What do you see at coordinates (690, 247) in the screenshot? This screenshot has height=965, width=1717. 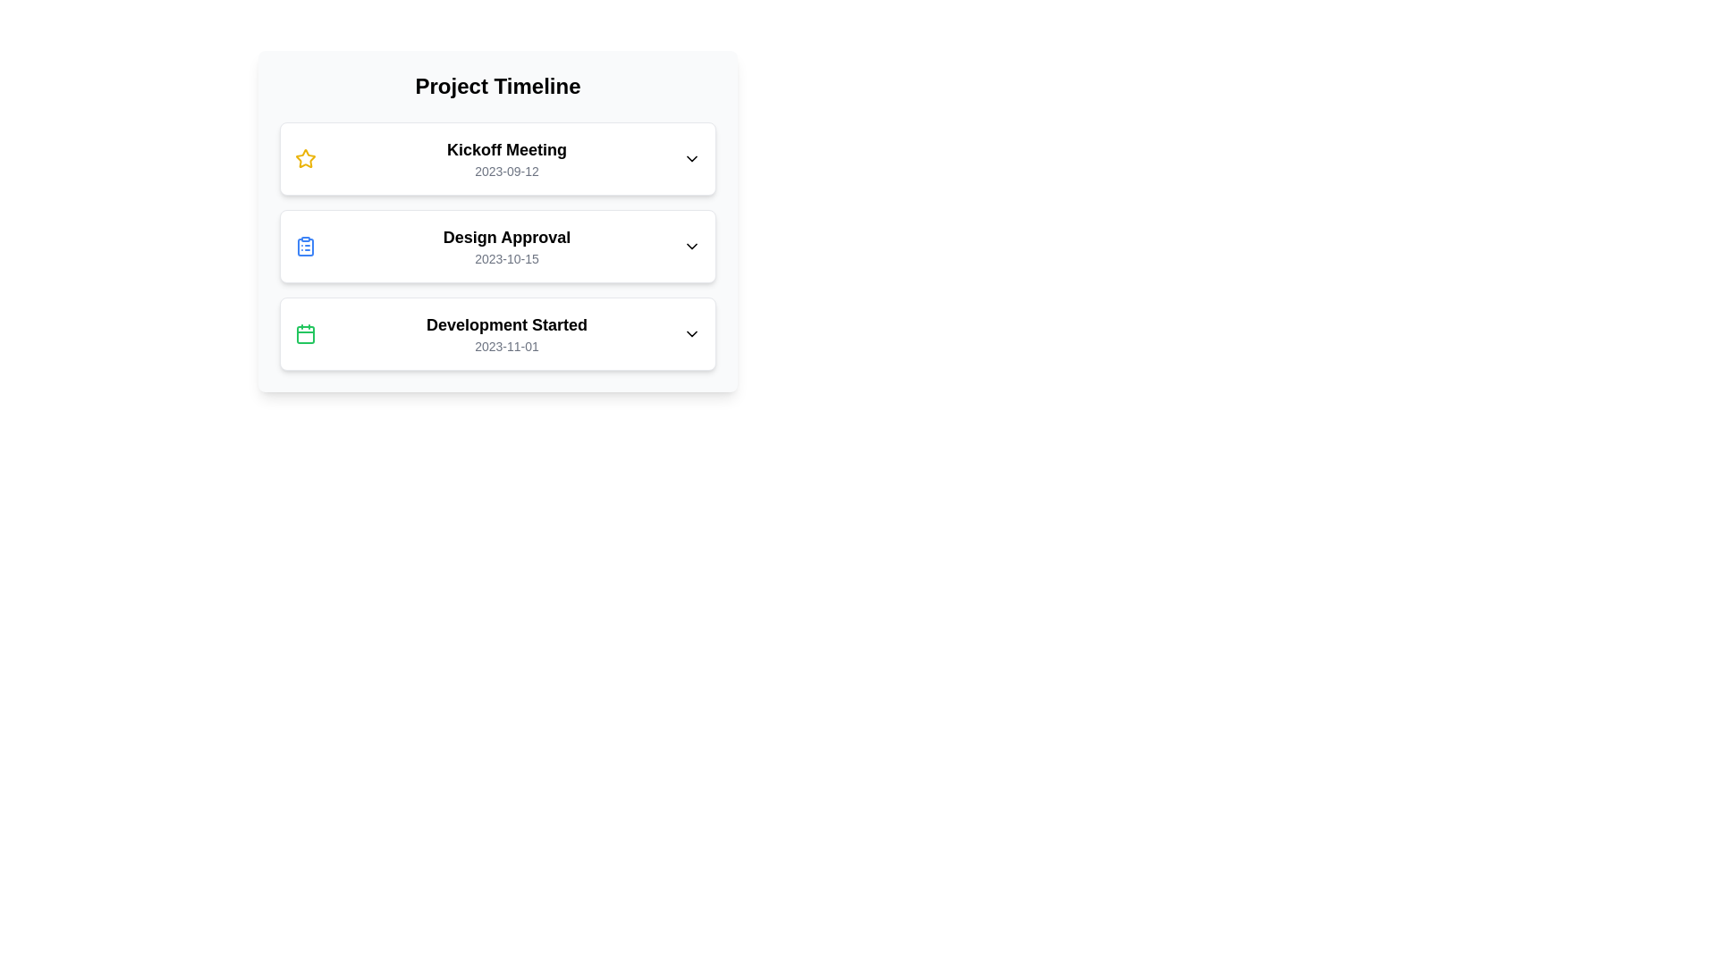 I see `the chevron icon located to the far right of the 'Design Approval' section` at bounding box center [690, 247].